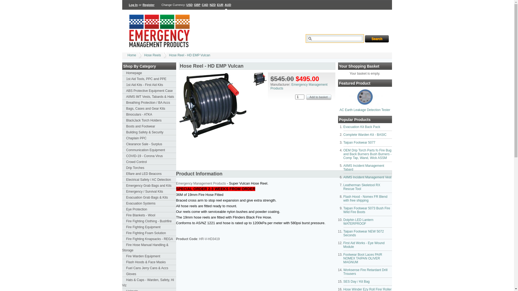 The image size is (518, 291). Describe the element at coordinates (149, 156) in the screenshot. I see `'COVID-19 - Corona Virus'` at that location.